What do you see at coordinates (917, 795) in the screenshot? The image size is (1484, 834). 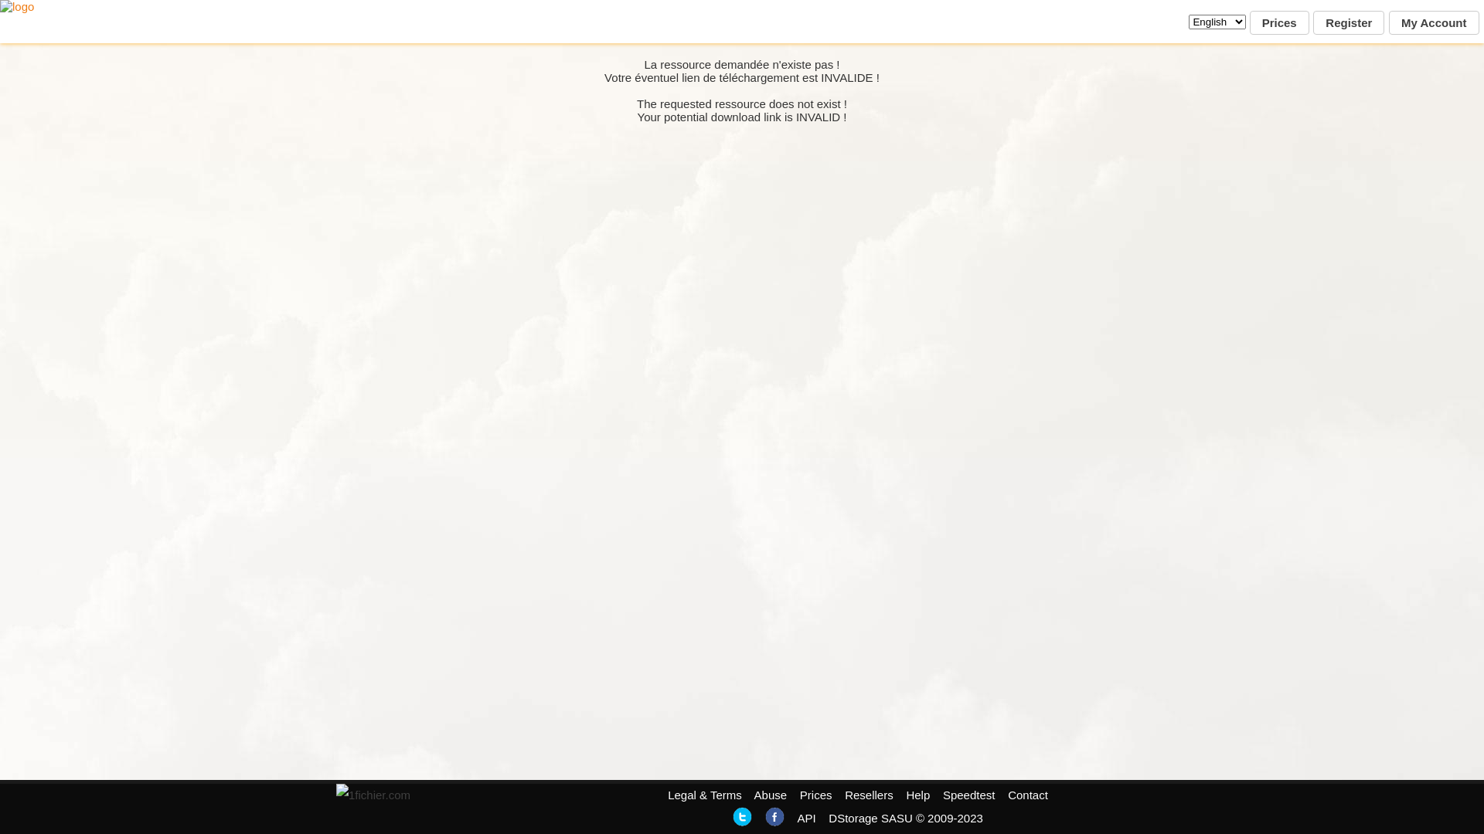 I see `'Help'` at bounding box center [917, 795].